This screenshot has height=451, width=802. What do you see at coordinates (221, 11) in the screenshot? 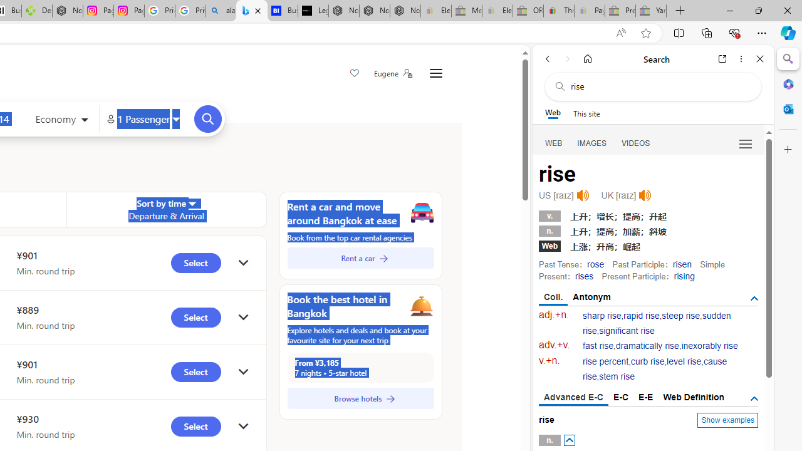
I see `'alabama high school quarterback dies - Search'` at bounding box center [221, 11].